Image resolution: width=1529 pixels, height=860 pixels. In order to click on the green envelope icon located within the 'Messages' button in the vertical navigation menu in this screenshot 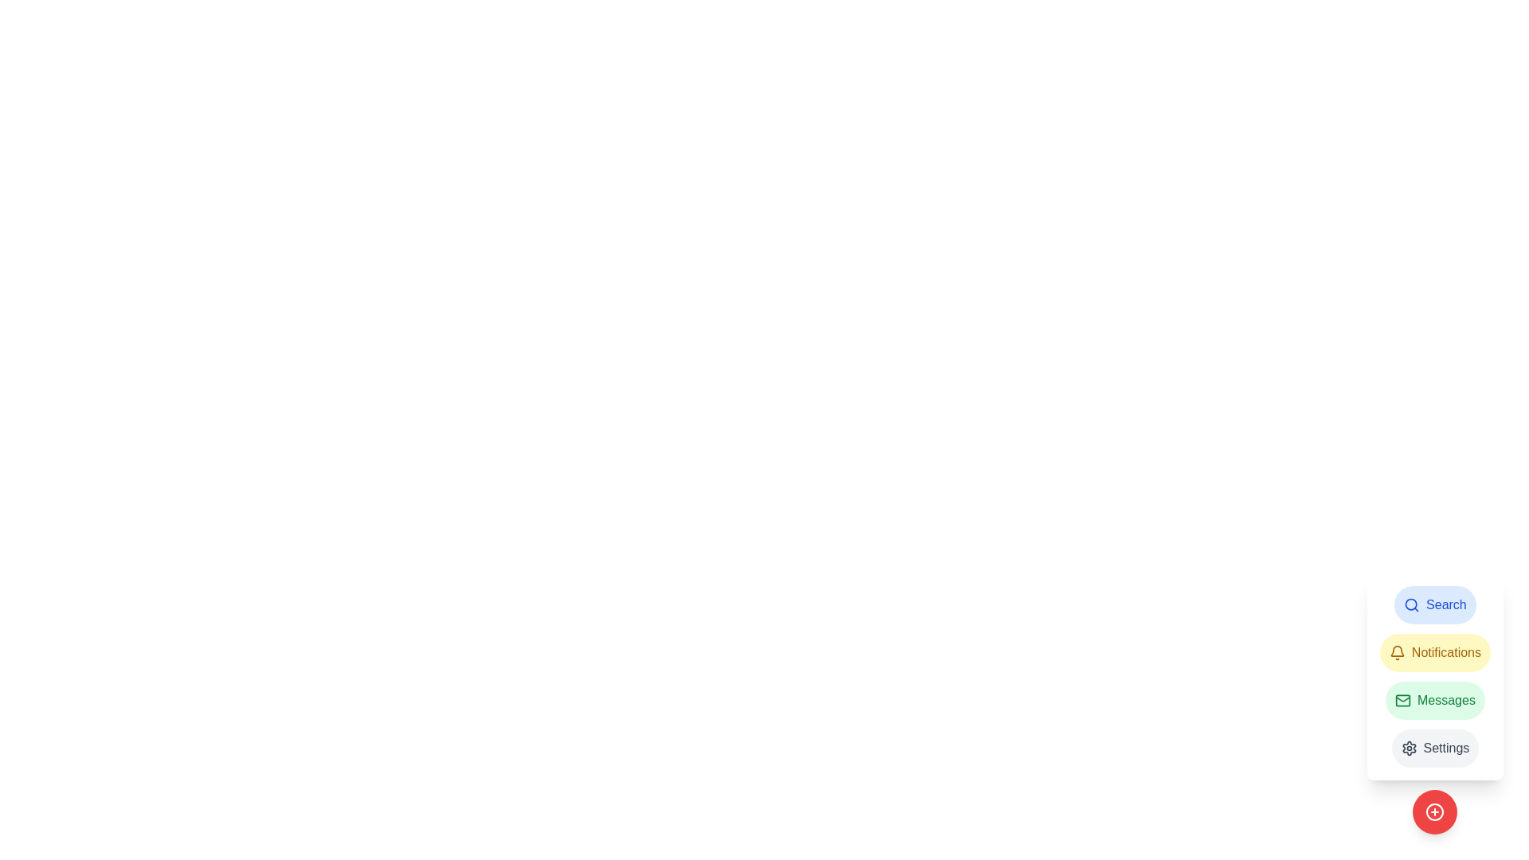, I will do `click(1402, 699)`.